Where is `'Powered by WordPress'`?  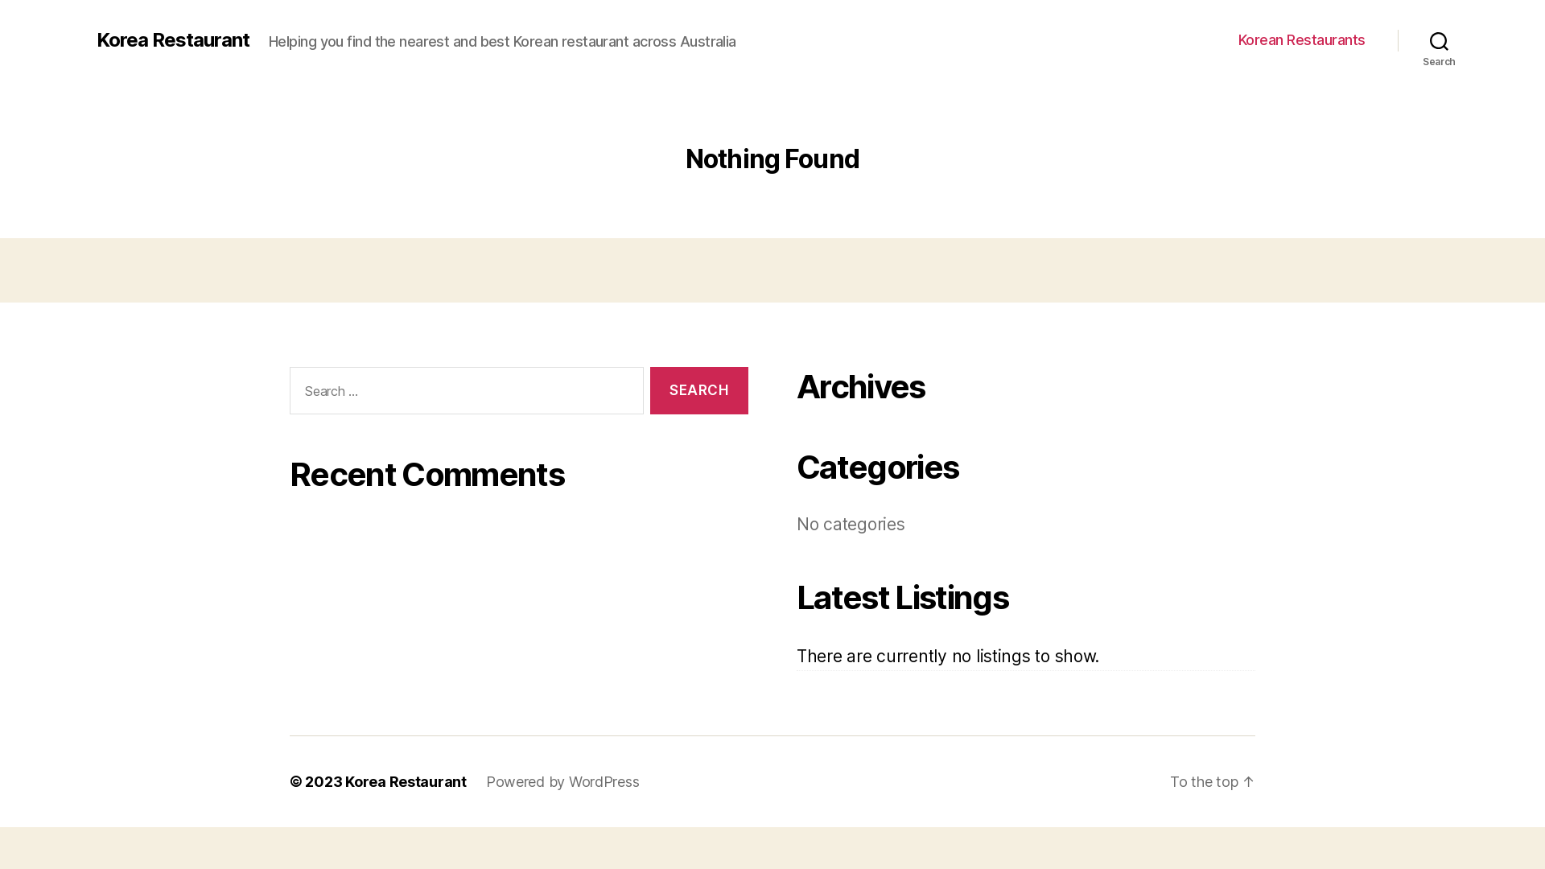
'Powered by WordPress' is located at coordinates (562, 780).